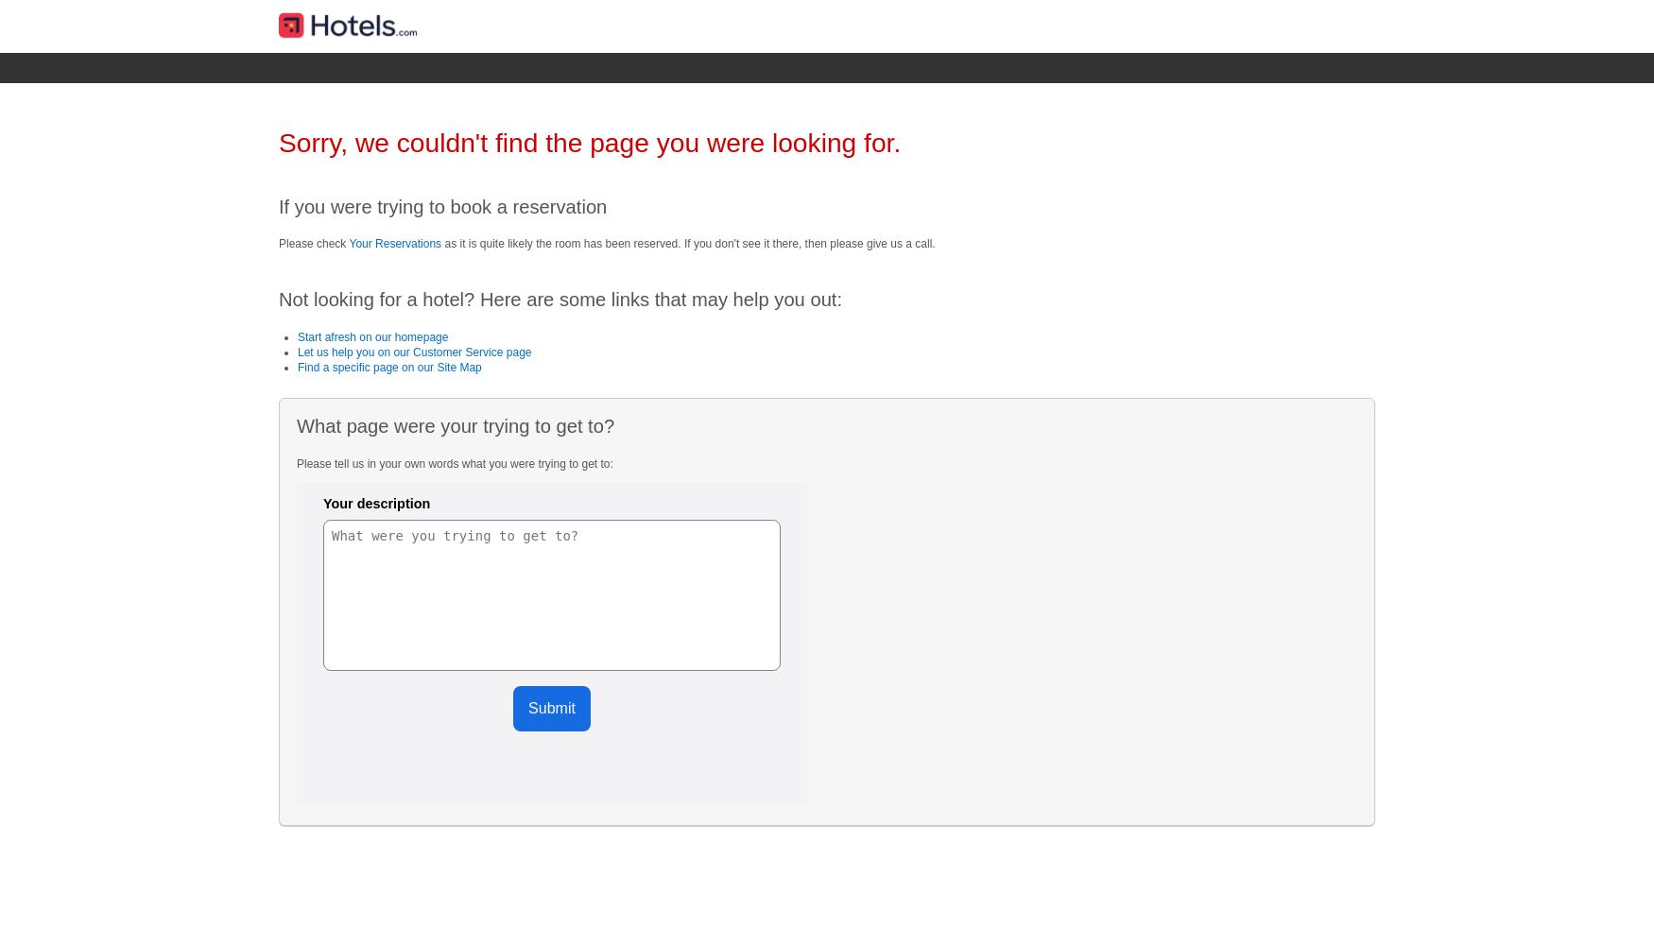 This screenshot has width=1654, height=945. I want to click on 'If you were trying to book a reservation', so click(442, 205).